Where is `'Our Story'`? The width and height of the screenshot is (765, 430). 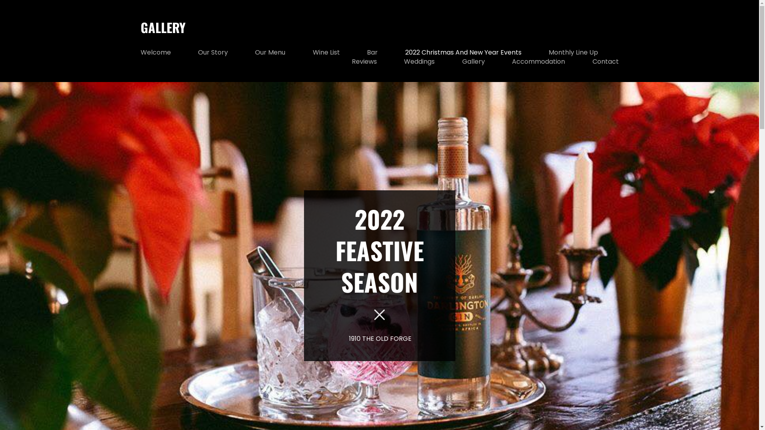
'Our Story' is located at coordinates (198, 52).